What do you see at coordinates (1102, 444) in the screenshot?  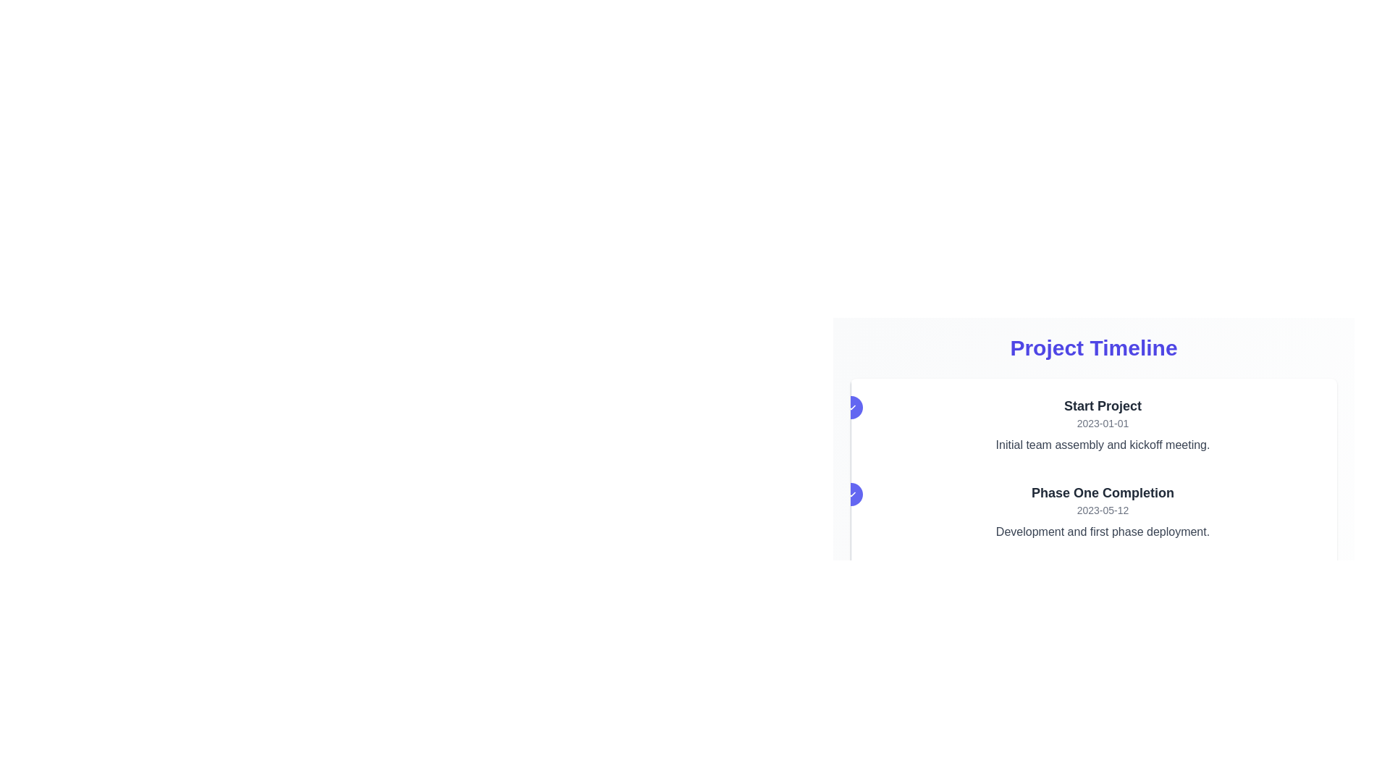 I see `the text label stating 'Initial team assembly and kickoff meeting', which is positioned below the 'Start Project' header in the Project Timeline section` at bounding box center [1102, 444].